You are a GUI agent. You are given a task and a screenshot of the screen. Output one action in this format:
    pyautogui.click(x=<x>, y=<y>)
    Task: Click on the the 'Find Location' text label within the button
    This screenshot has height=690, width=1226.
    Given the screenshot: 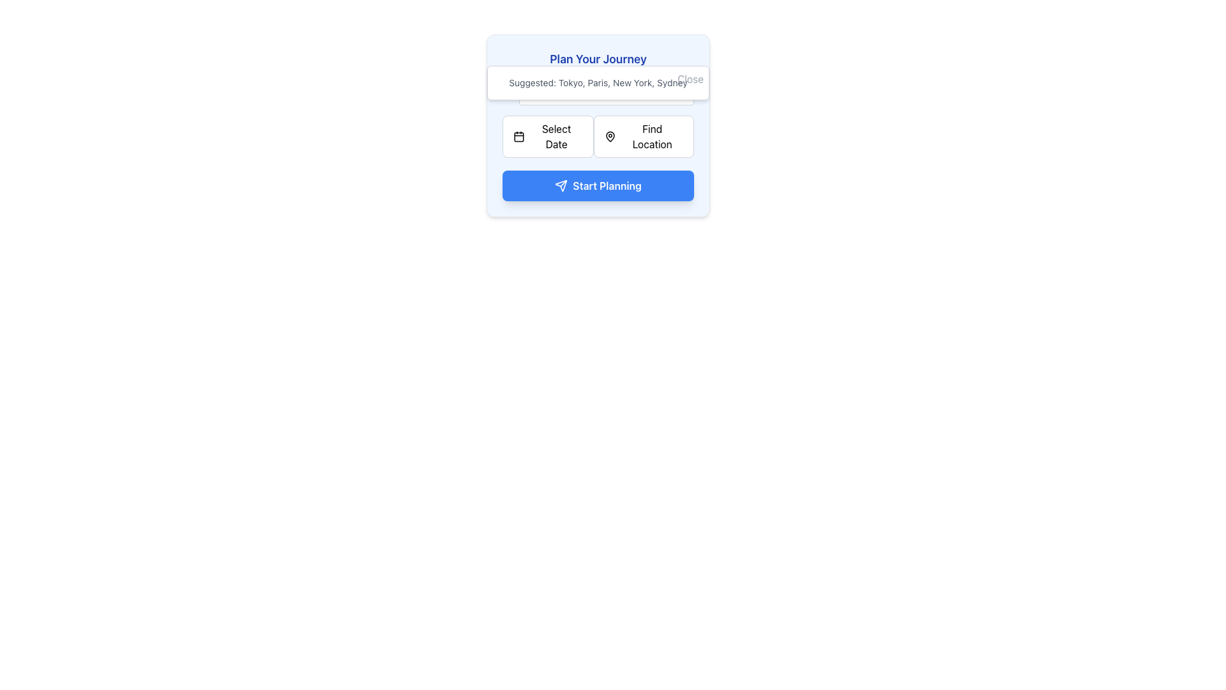 What is the action you would take?
    pyautogui.click(x=652, y=136)
    